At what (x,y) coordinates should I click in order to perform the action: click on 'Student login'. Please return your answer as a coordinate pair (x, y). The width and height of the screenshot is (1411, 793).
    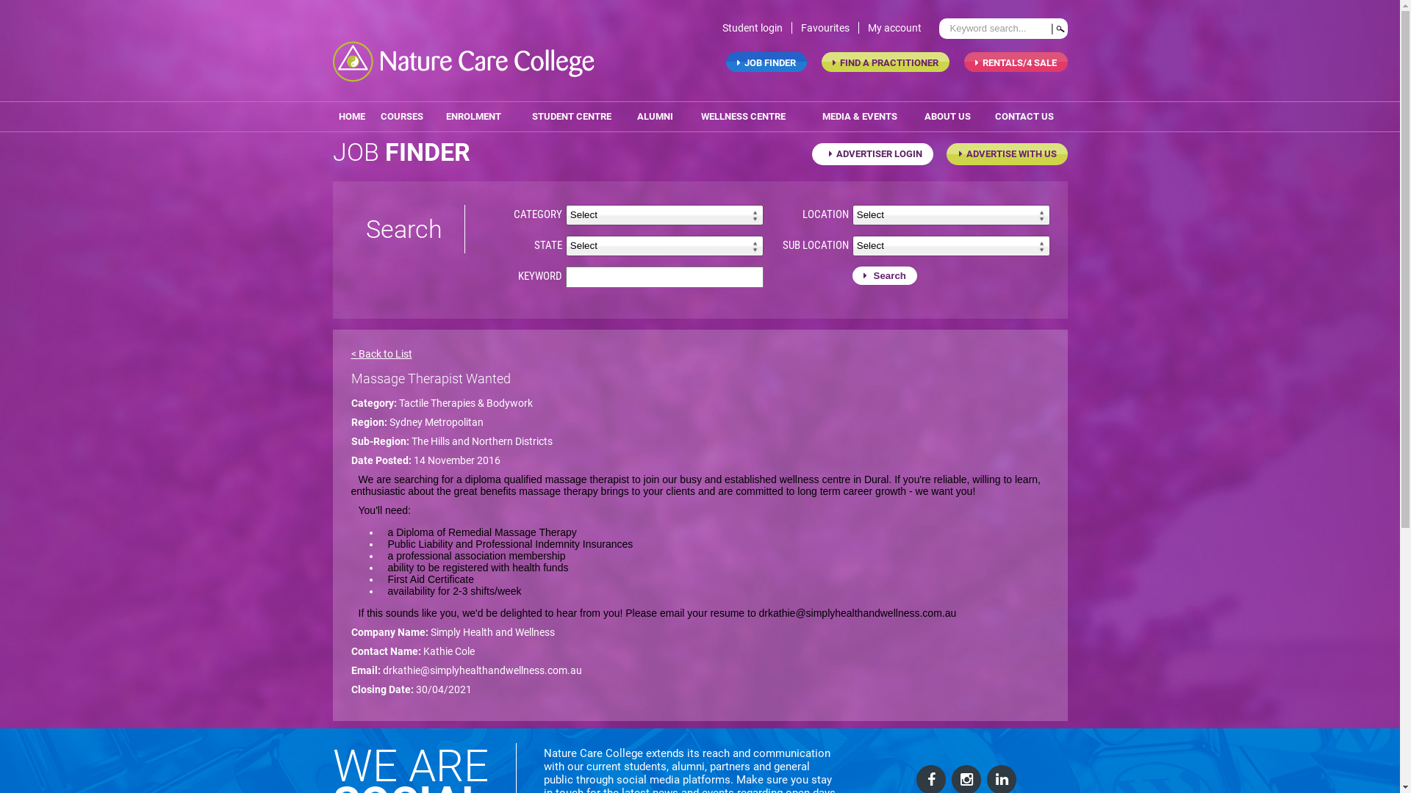
    Looking at the image, I should click on (756, 28).